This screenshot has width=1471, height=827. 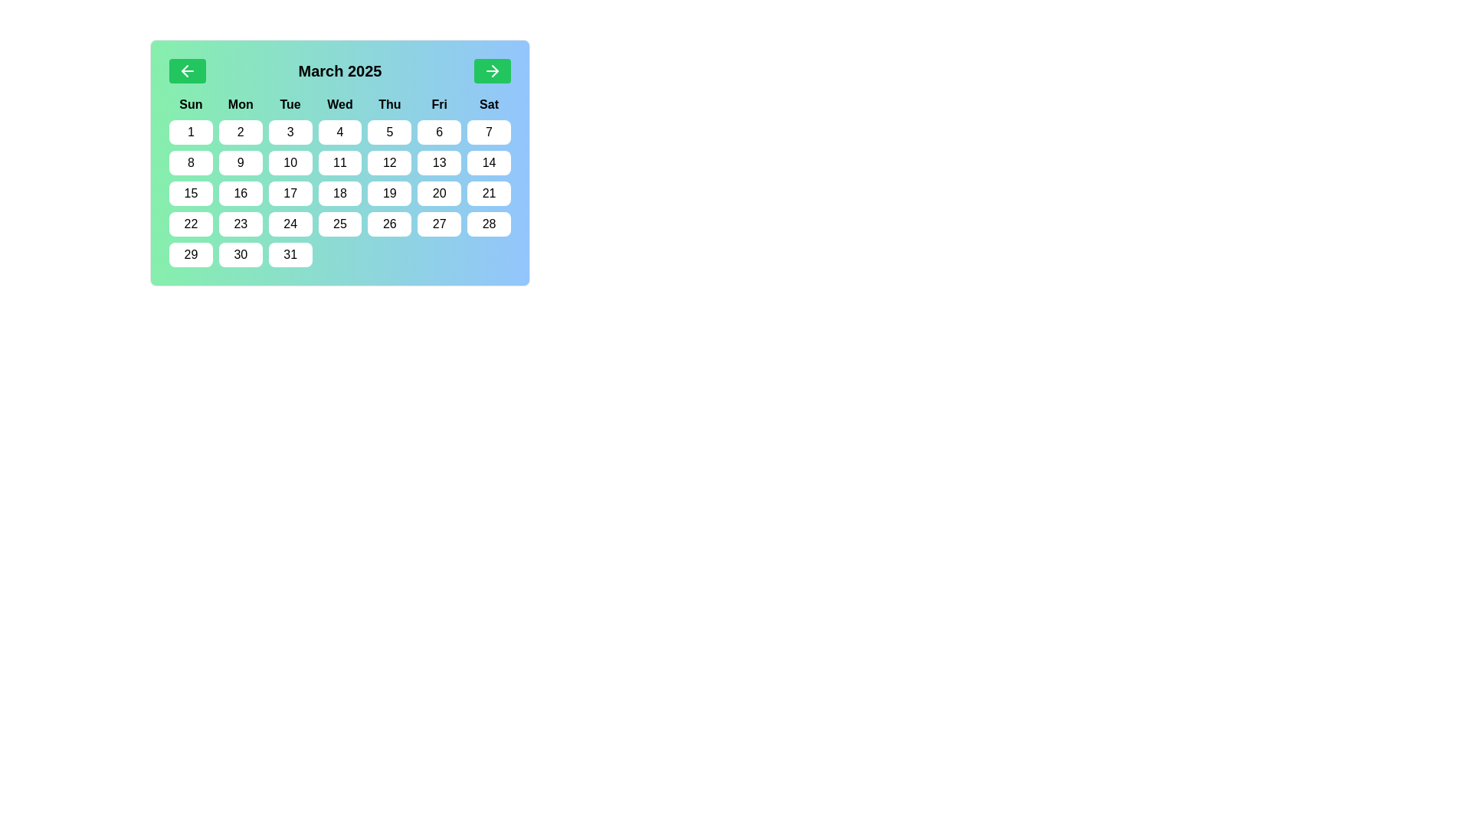 What do you see at coordinates (488, 104) in the screenshot?
I see `the static text label displaying 'Sat' in bold, which is the last header in the top row of the calendar widget` at bounding box center [488, 104].